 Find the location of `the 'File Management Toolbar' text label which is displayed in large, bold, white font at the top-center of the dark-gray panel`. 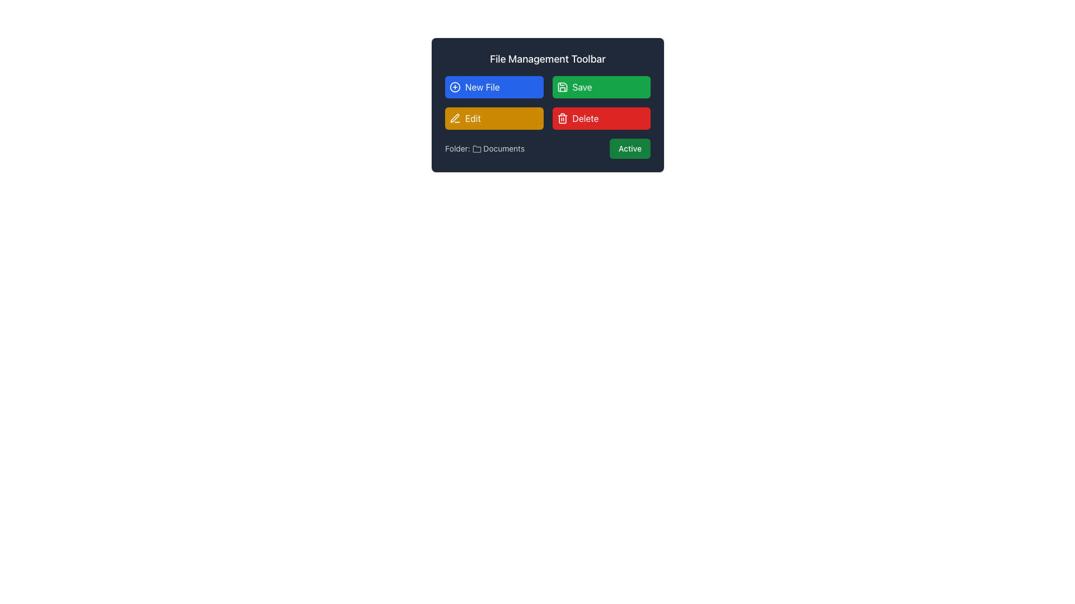

the 'File Management Toolbar' text label which is displayed in large, bold, white font at the top-center of the dark-gray panel is located at coordinates (548, 59).